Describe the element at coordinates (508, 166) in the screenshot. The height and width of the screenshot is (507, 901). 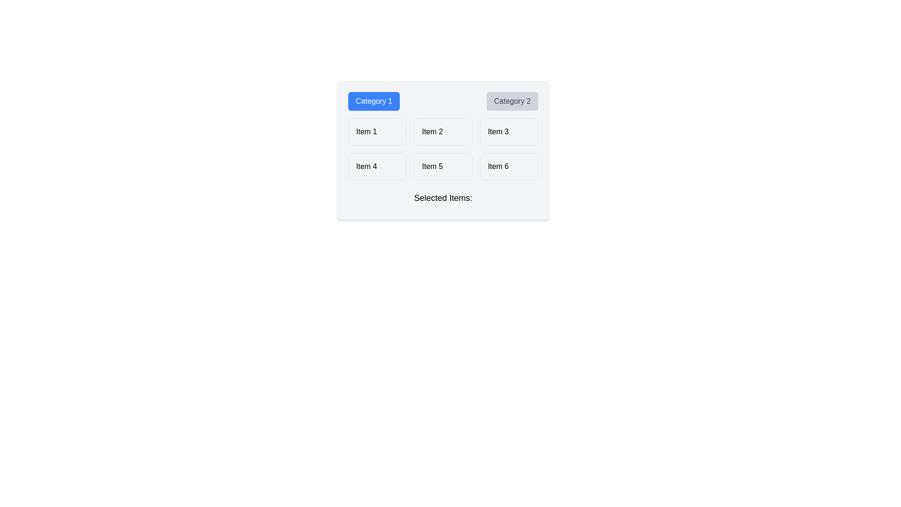
I see `the selectable item labeled 'Item 6'` at that location.